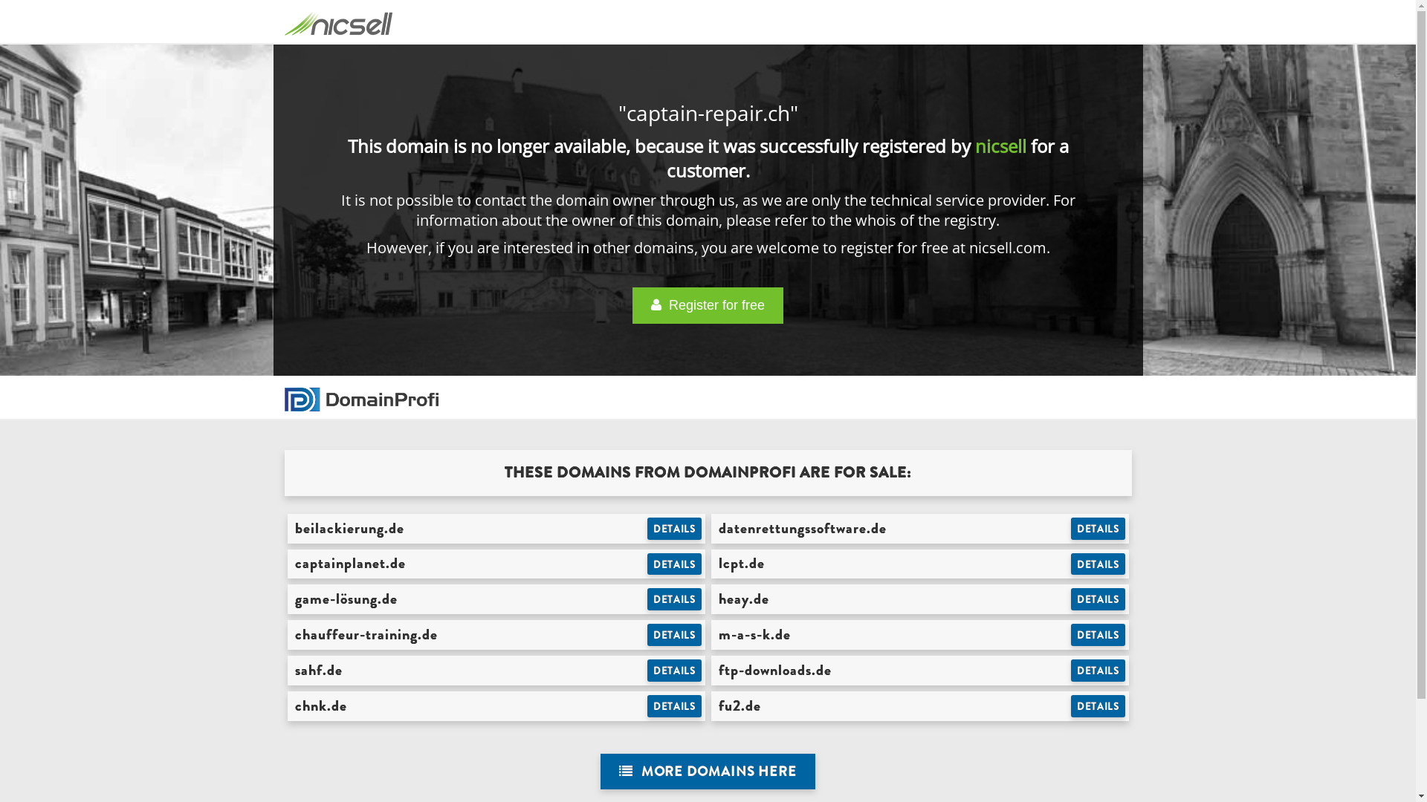  I want to click on '  Register for free', so click(707, 304).